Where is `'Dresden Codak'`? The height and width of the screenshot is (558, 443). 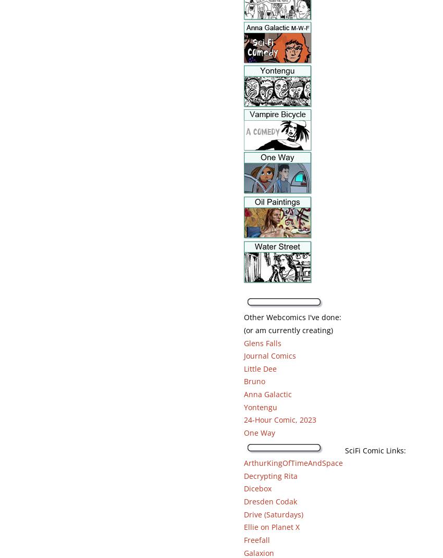 'Dresden Codak' is located at coordinates (269, 501).